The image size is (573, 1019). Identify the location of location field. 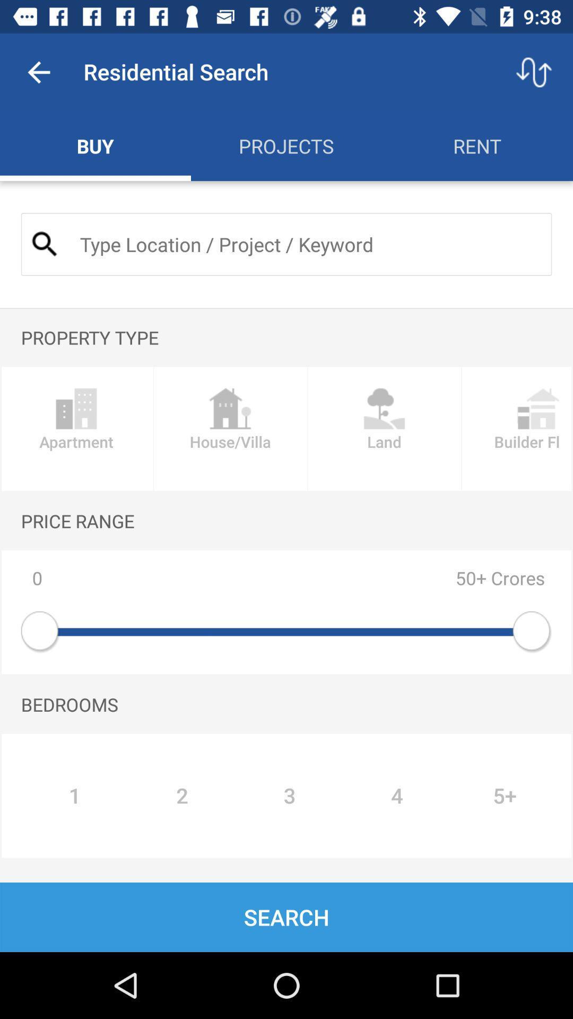
(307, 244).